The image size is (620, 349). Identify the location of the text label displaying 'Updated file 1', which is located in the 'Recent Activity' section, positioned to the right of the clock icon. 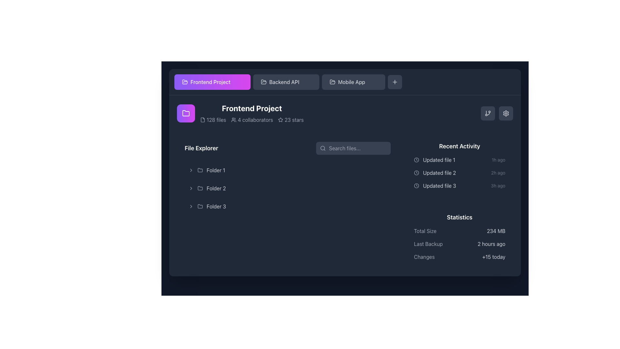
(439, 160).